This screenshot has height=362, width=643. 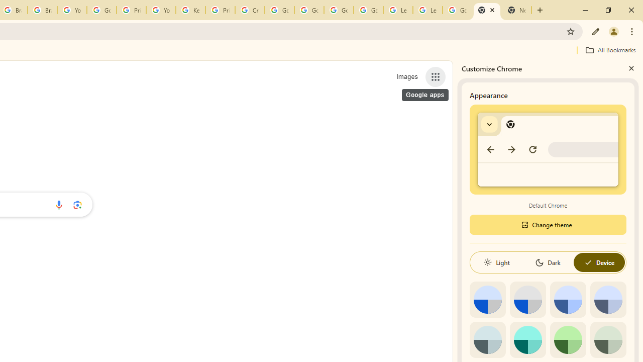 What do you see at coordinates (516, 10) in the screenshot?
I see `'New Tab'` at bounding box center [516, 10].